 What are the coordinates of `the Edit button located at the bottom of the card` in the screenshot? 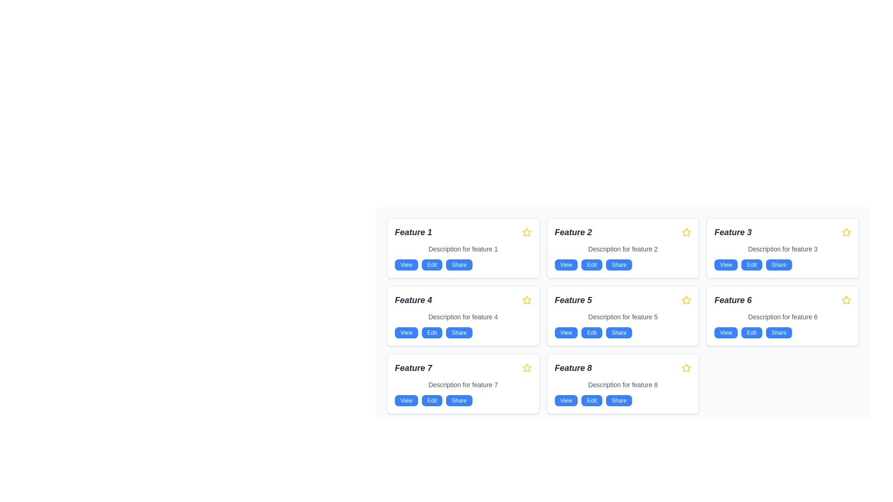 It's located at (432, 265).